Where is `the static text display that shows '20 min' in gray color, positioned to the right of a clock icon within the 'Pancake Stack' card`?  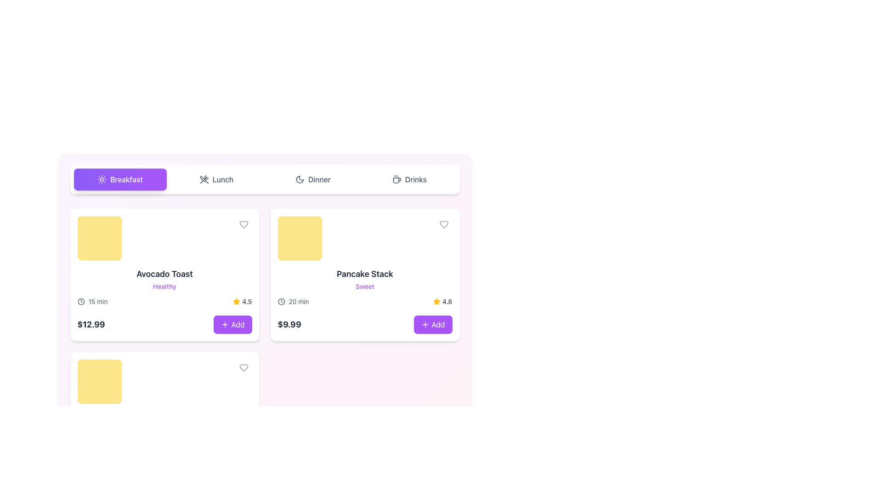 the static text display that shows '20 min' in gray color, positioned to the right of a clock icon within the 'Pancake Stack' card is located at coordinates (299, 301).